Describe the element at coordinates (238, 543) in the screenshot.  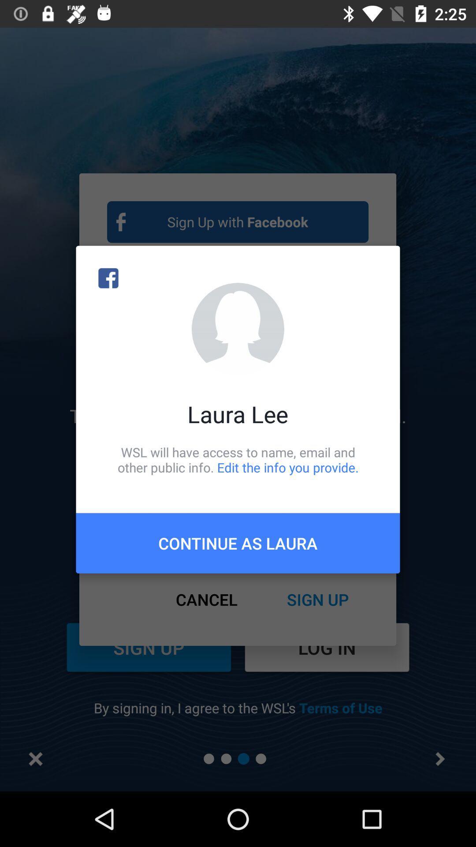
I see `the continue as laura` at that location.